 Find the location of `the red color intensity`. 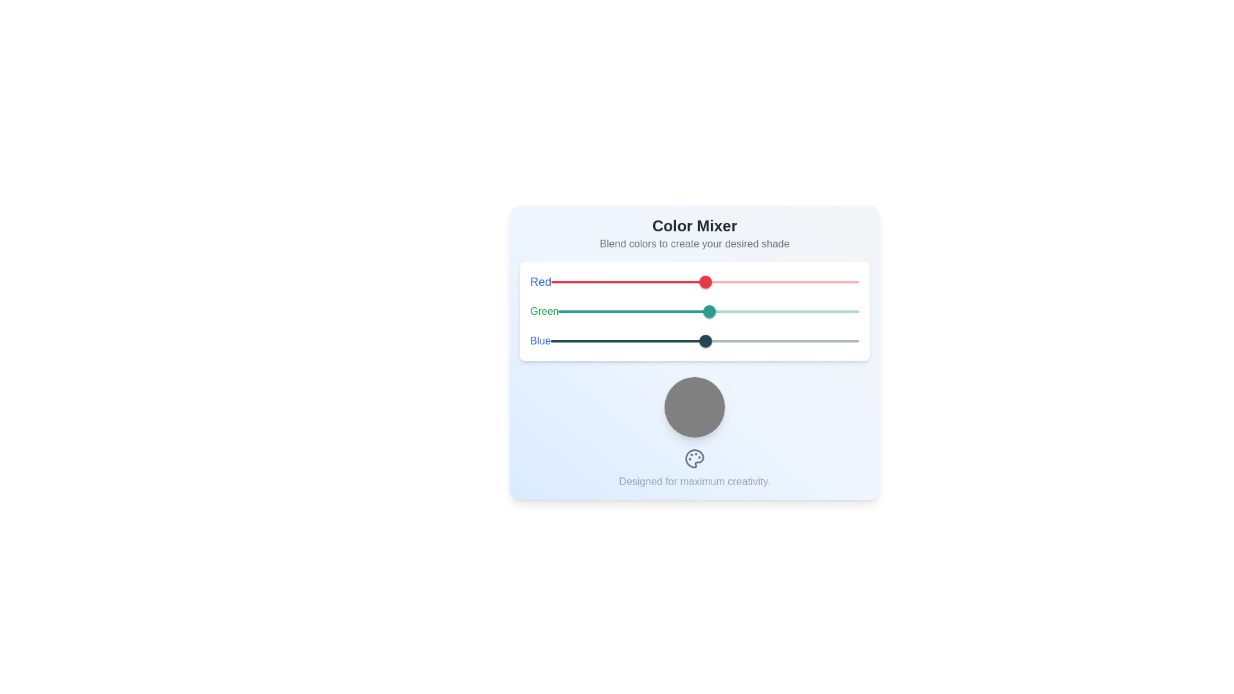

the red color intensity is located at coordinates (832, 281).